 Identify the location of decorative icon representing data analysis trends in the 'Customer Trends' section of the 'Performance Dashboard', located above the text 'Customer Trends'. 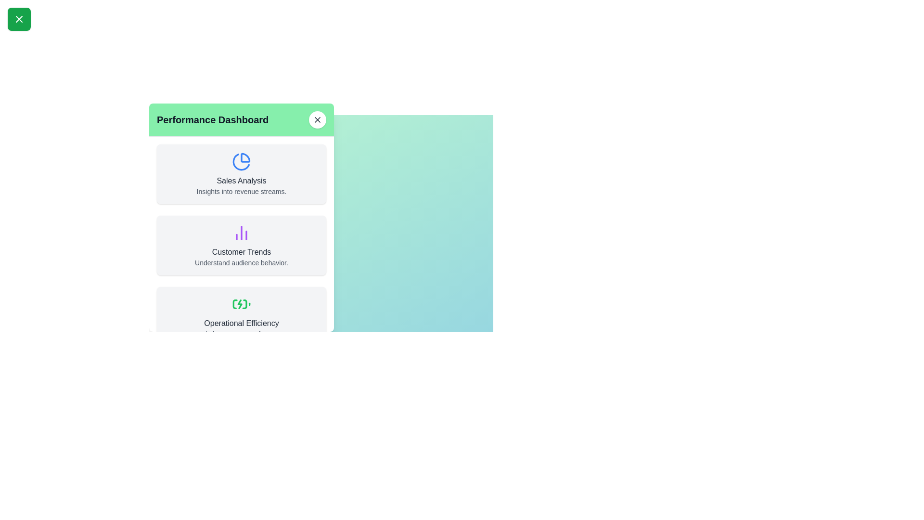
(242, 233).